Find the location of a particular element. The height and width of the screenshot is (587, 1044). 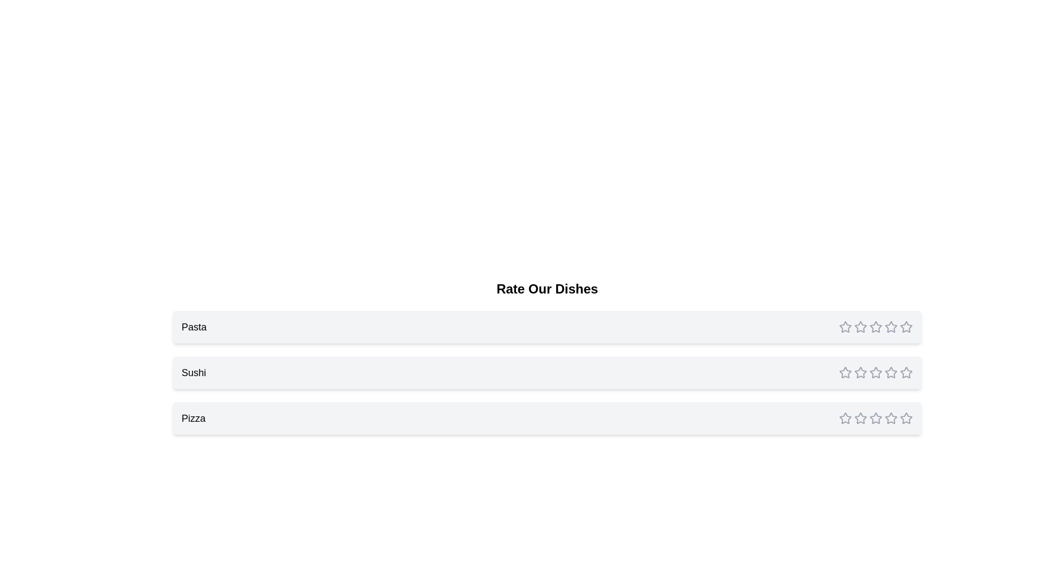

the second List item card labeled 'Sushi' in the vertical list under 'Rate Our Dishes' is located at coordinates (547, 372).